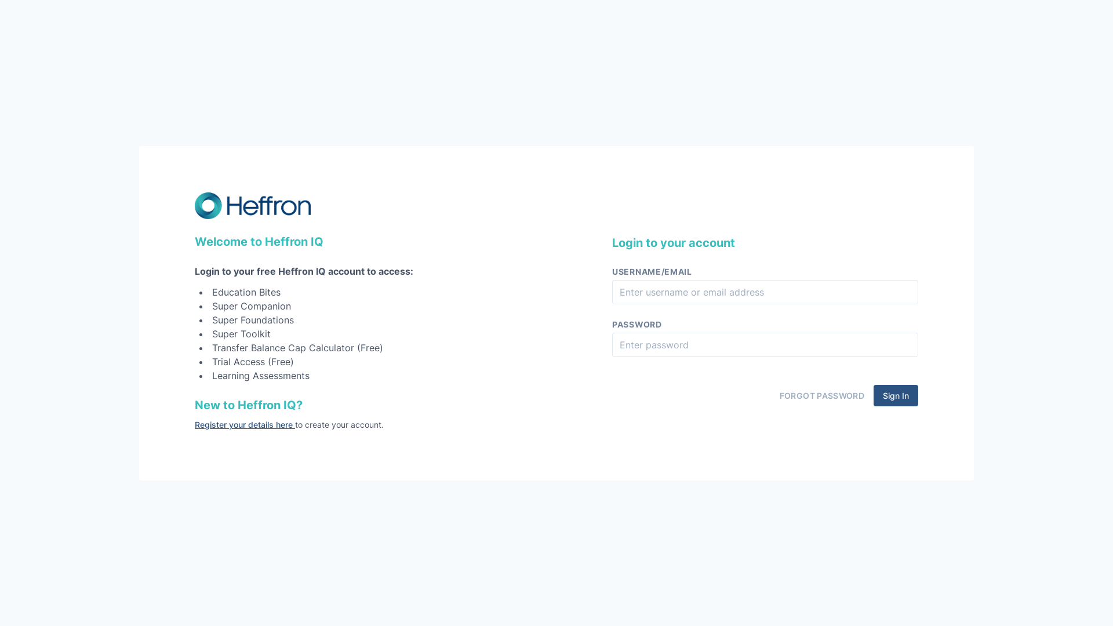  Describe the element at coordinates (821, 395) in the screenshot. I see `'FORGOT PASSWORD'` at that location.